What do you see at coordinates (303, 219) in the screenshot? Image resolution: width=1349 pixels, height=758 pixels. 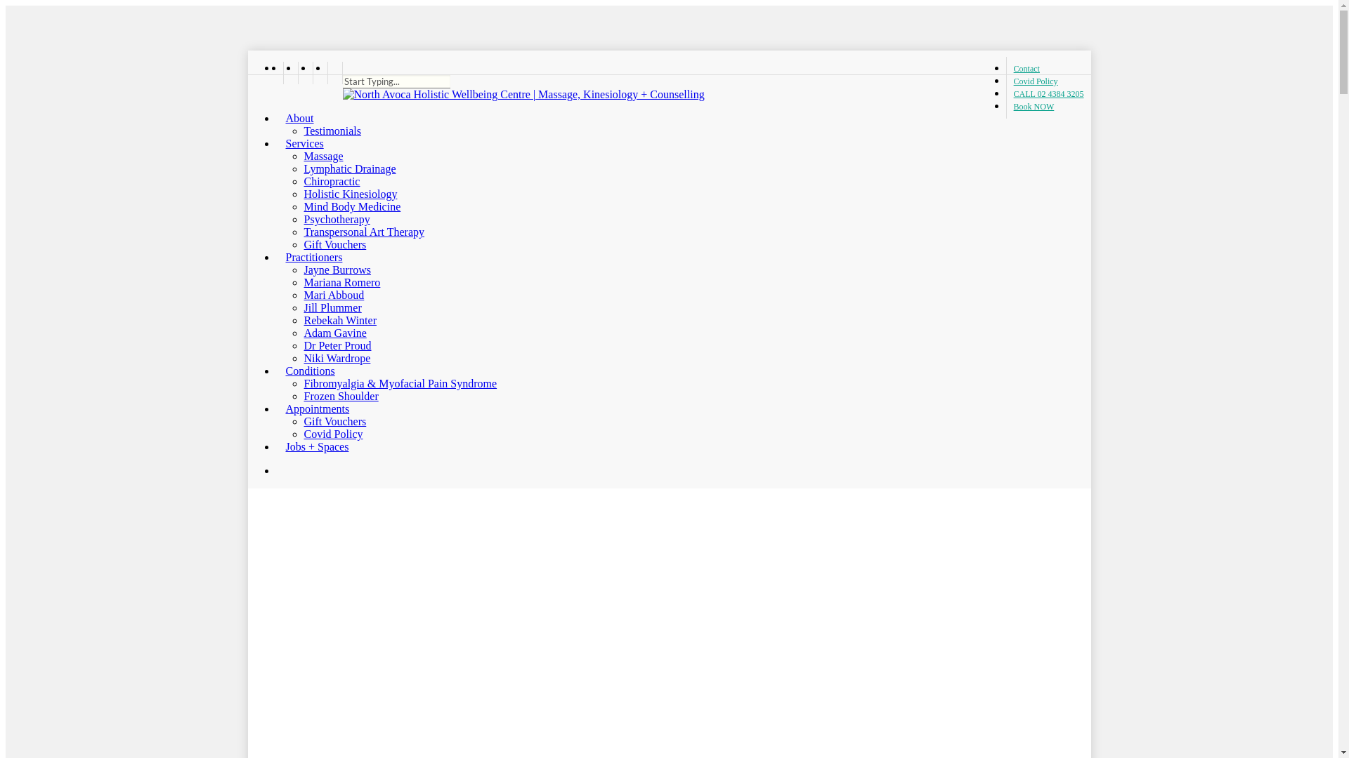 I see `'Psychotherapy'` at bounding box center [303, 219].